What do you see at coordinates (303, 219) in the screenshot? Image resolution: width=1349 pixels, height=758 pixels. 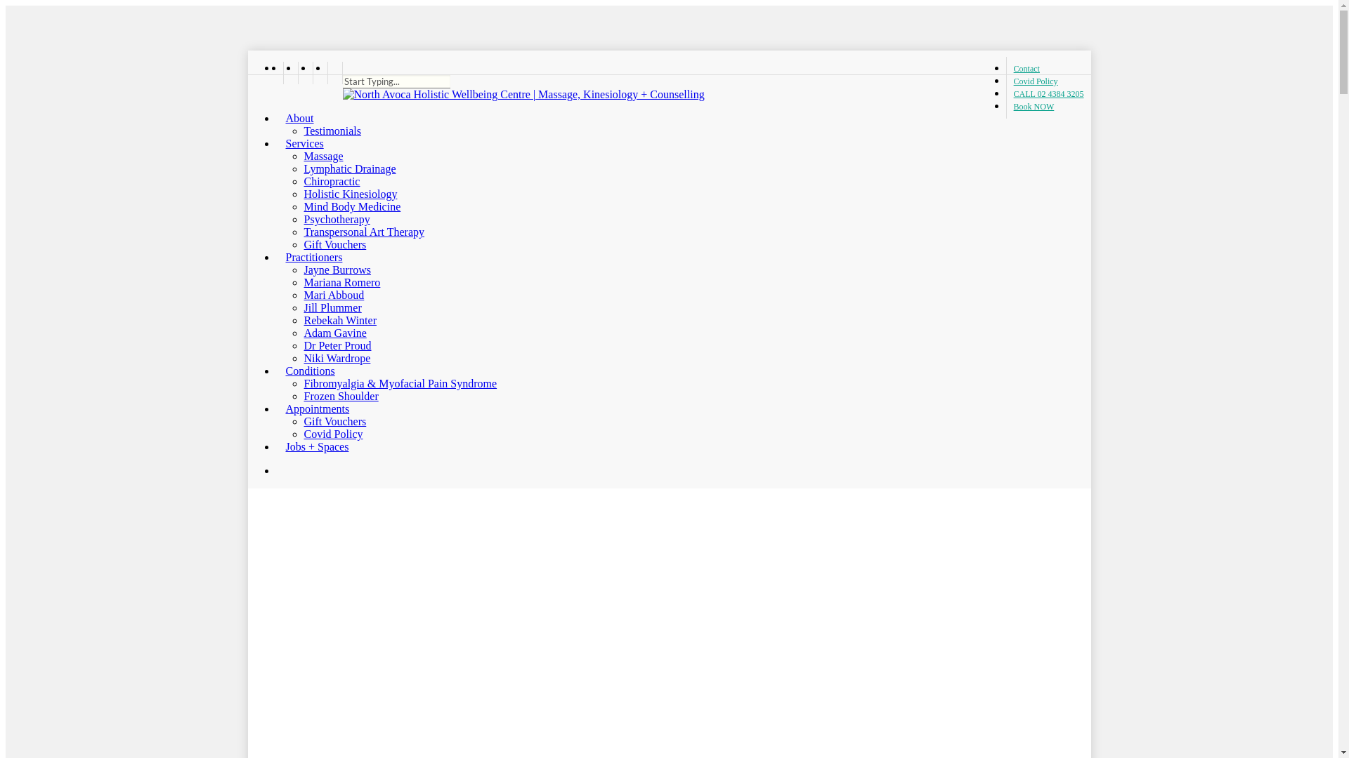 I see `'Psychotherapy'` at bounding box center [303, 219].